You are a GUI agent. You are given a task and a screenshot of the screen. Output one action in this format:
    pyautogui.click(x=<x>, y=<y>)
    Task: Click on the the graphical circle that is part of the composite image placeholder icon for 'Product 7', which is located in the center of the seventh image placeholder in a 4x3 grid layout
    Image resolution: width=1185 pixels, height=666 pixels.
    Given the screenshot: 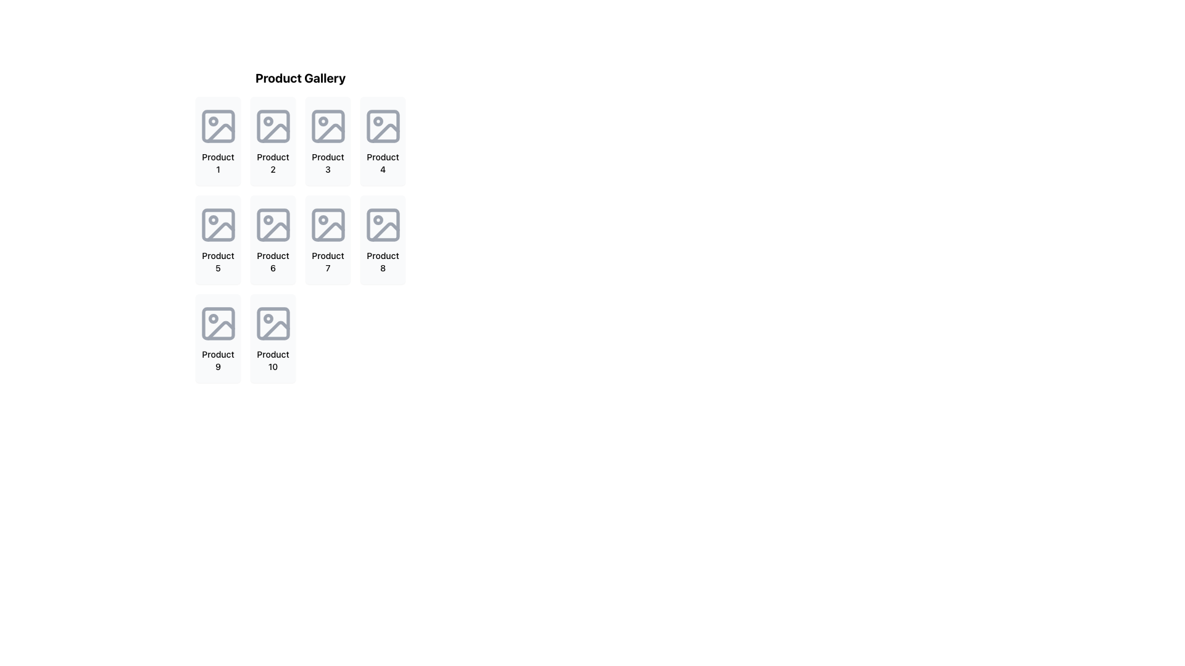 What is the action you would take?
    pyautogui.click(x=323, y=220)
    